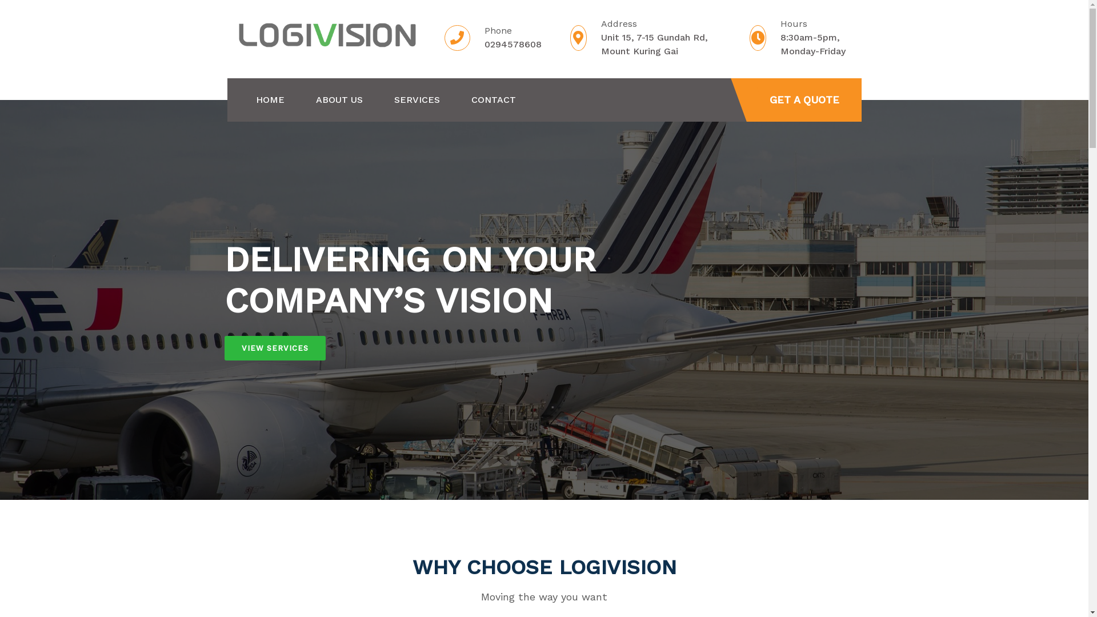 The width and height of the screenshot is (1097, 617). Describe the element at coordinates (338, 99) in the screenshot. I see `'ABOUT US'` at that location.